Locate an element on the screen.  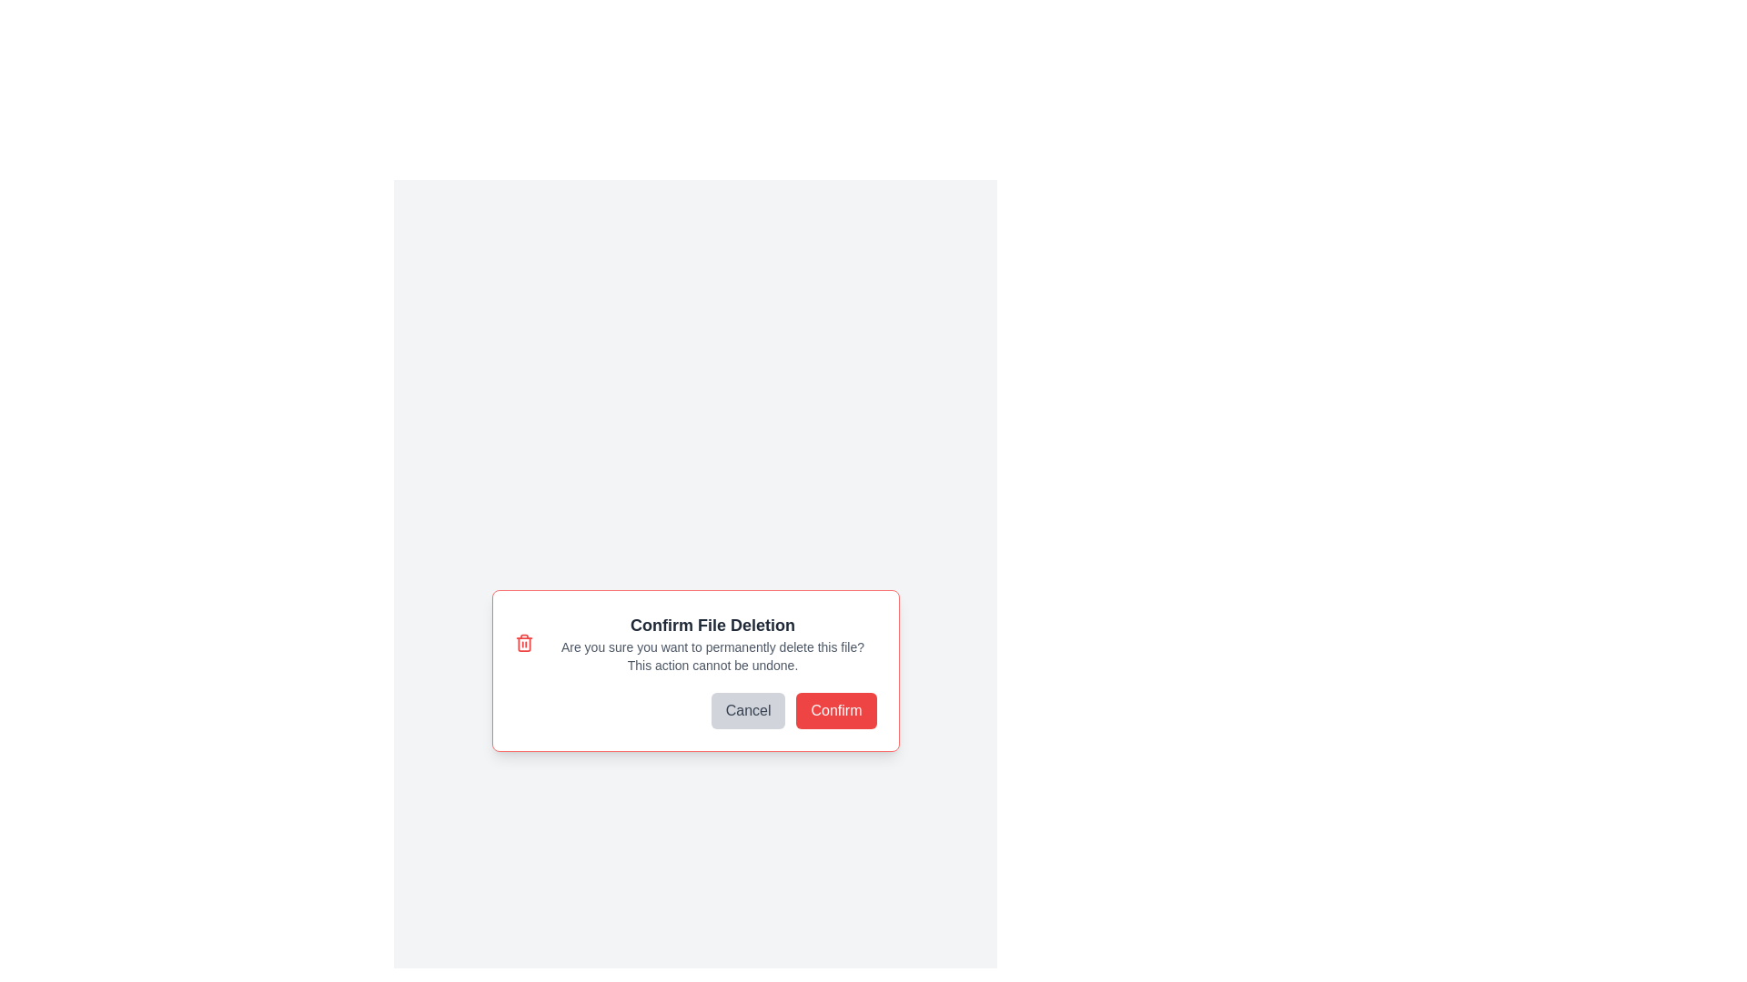
the static decorative trash icon located on the left side of the confirmation dialog box, aligned with the 'Confirm File Deletion' text is located at coordinates (523, 643).